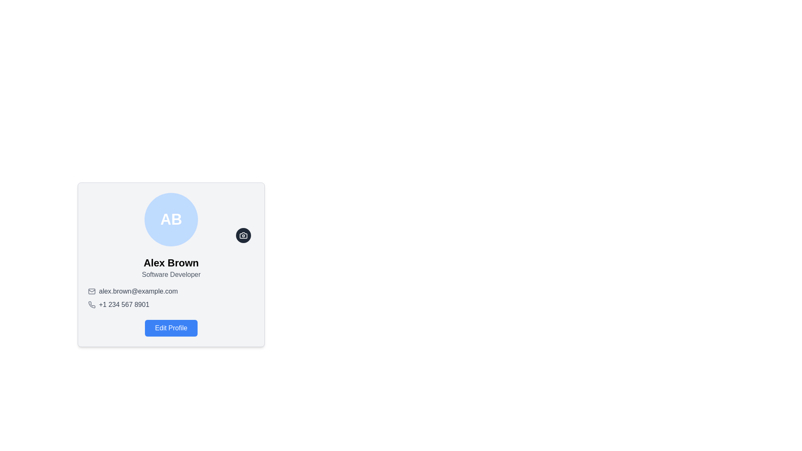  Describe the element at coordinates (170, 328) in the screenshot. I see `the edit button located centrally below the email and phone number in the user profile card to initiate editing of the profile information` at that location.